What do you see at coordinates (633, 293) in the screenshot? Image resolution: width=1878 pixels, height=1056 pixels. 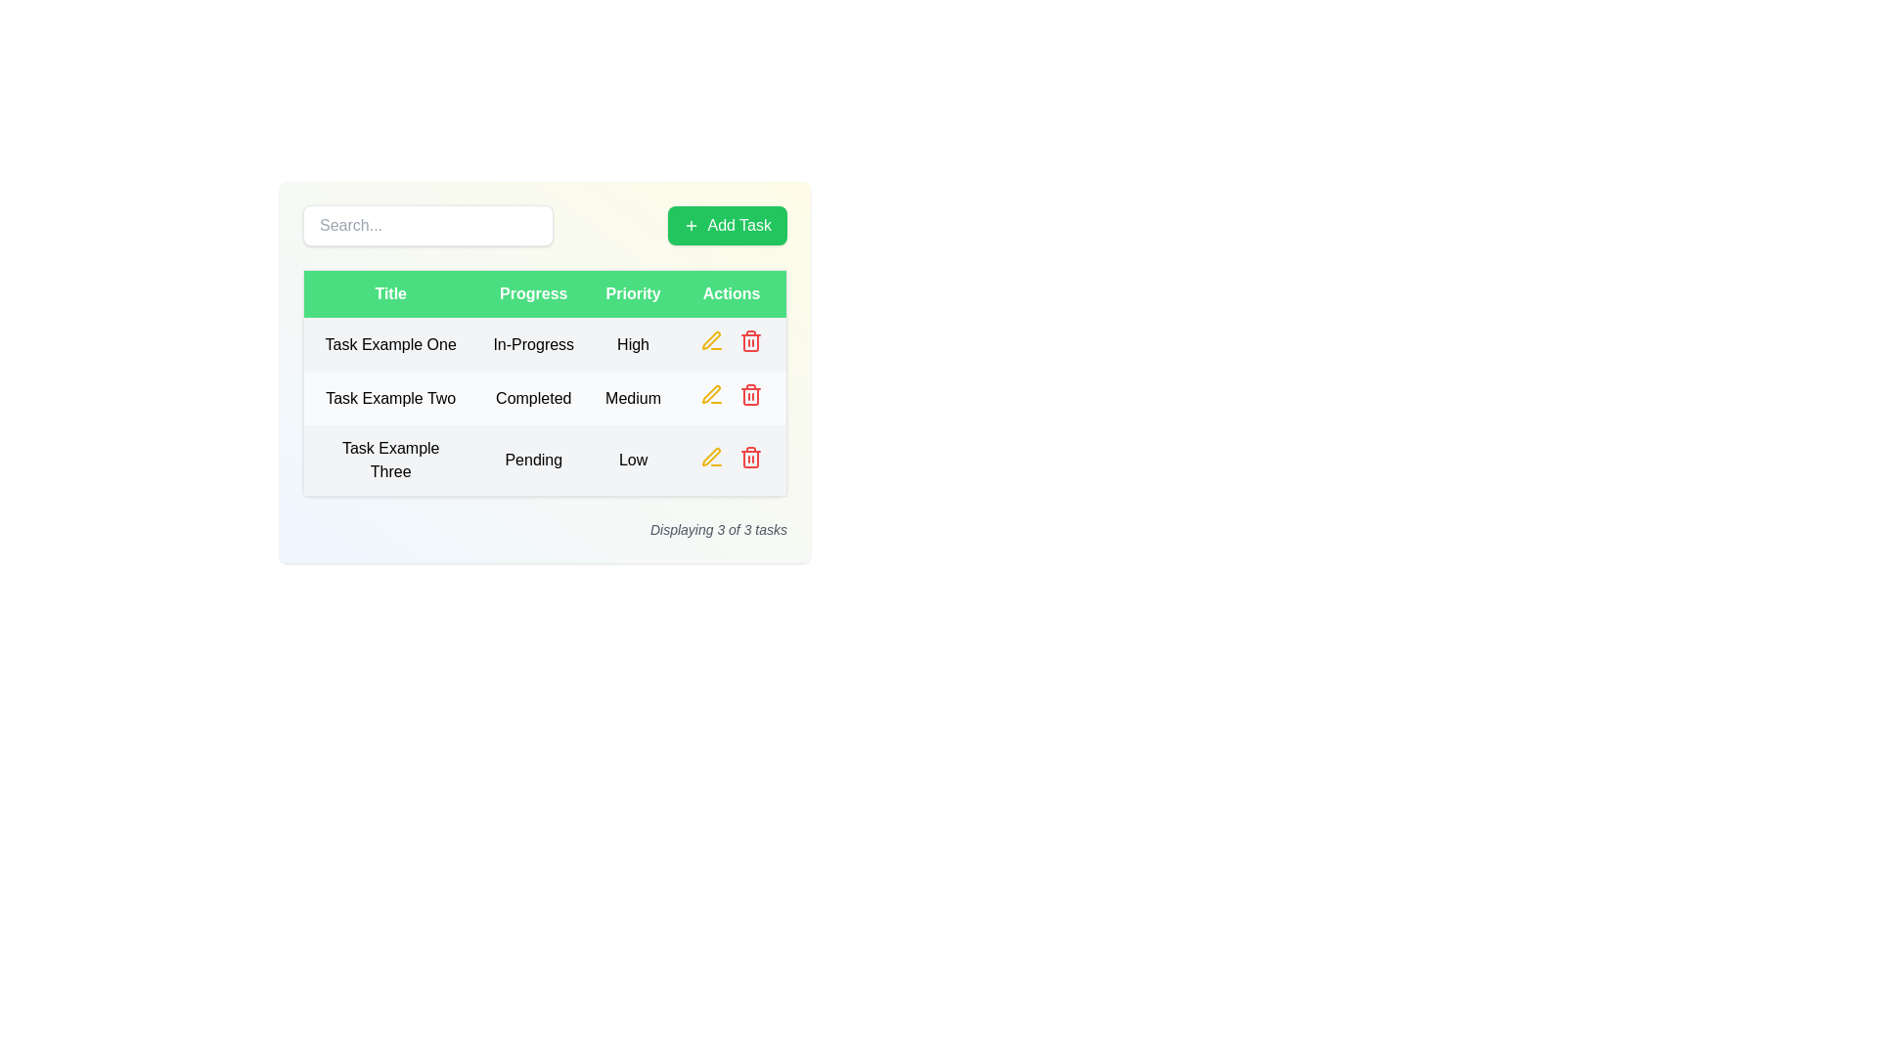 I see `the 'Priority' label element, which is a rectangular label with white text on a green background, located in the header row of a table structure as the third column` at bounding box center [633, 293].